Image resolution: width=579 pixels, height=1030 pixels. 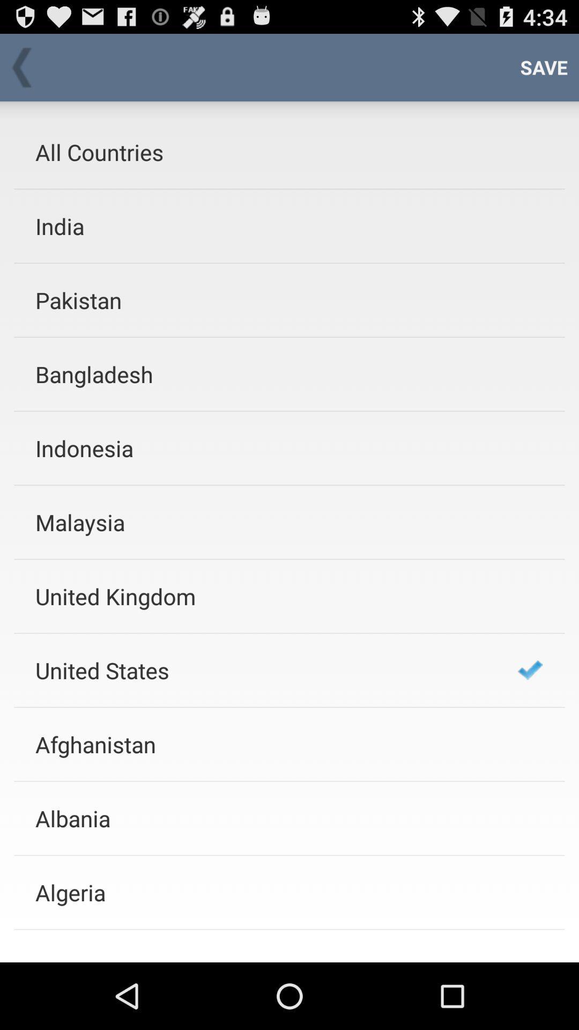 What do you see at coordinates (262, 300) in the screenshot?
I see `the pakistan icon` at bounding box center [262, 300].